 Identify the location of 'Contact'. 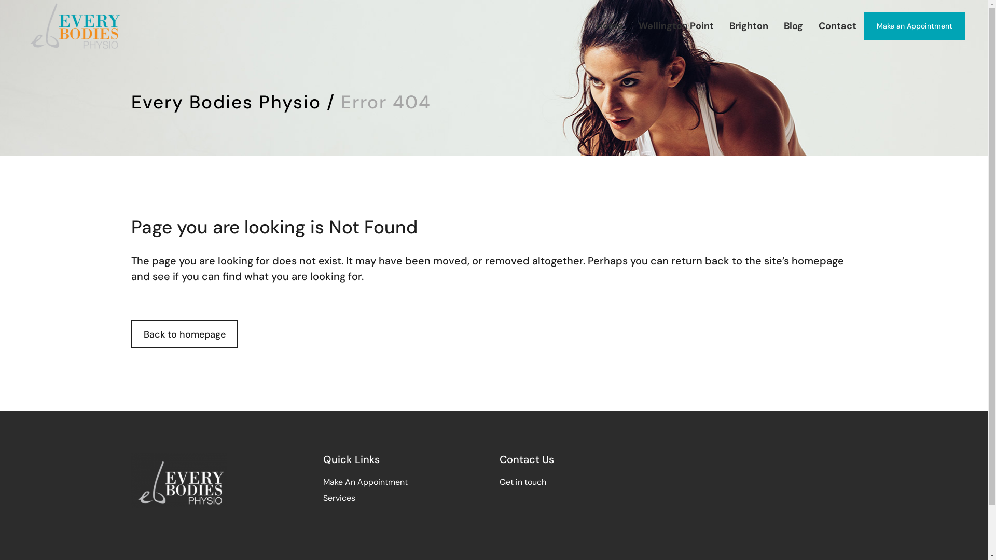
(837, 25).